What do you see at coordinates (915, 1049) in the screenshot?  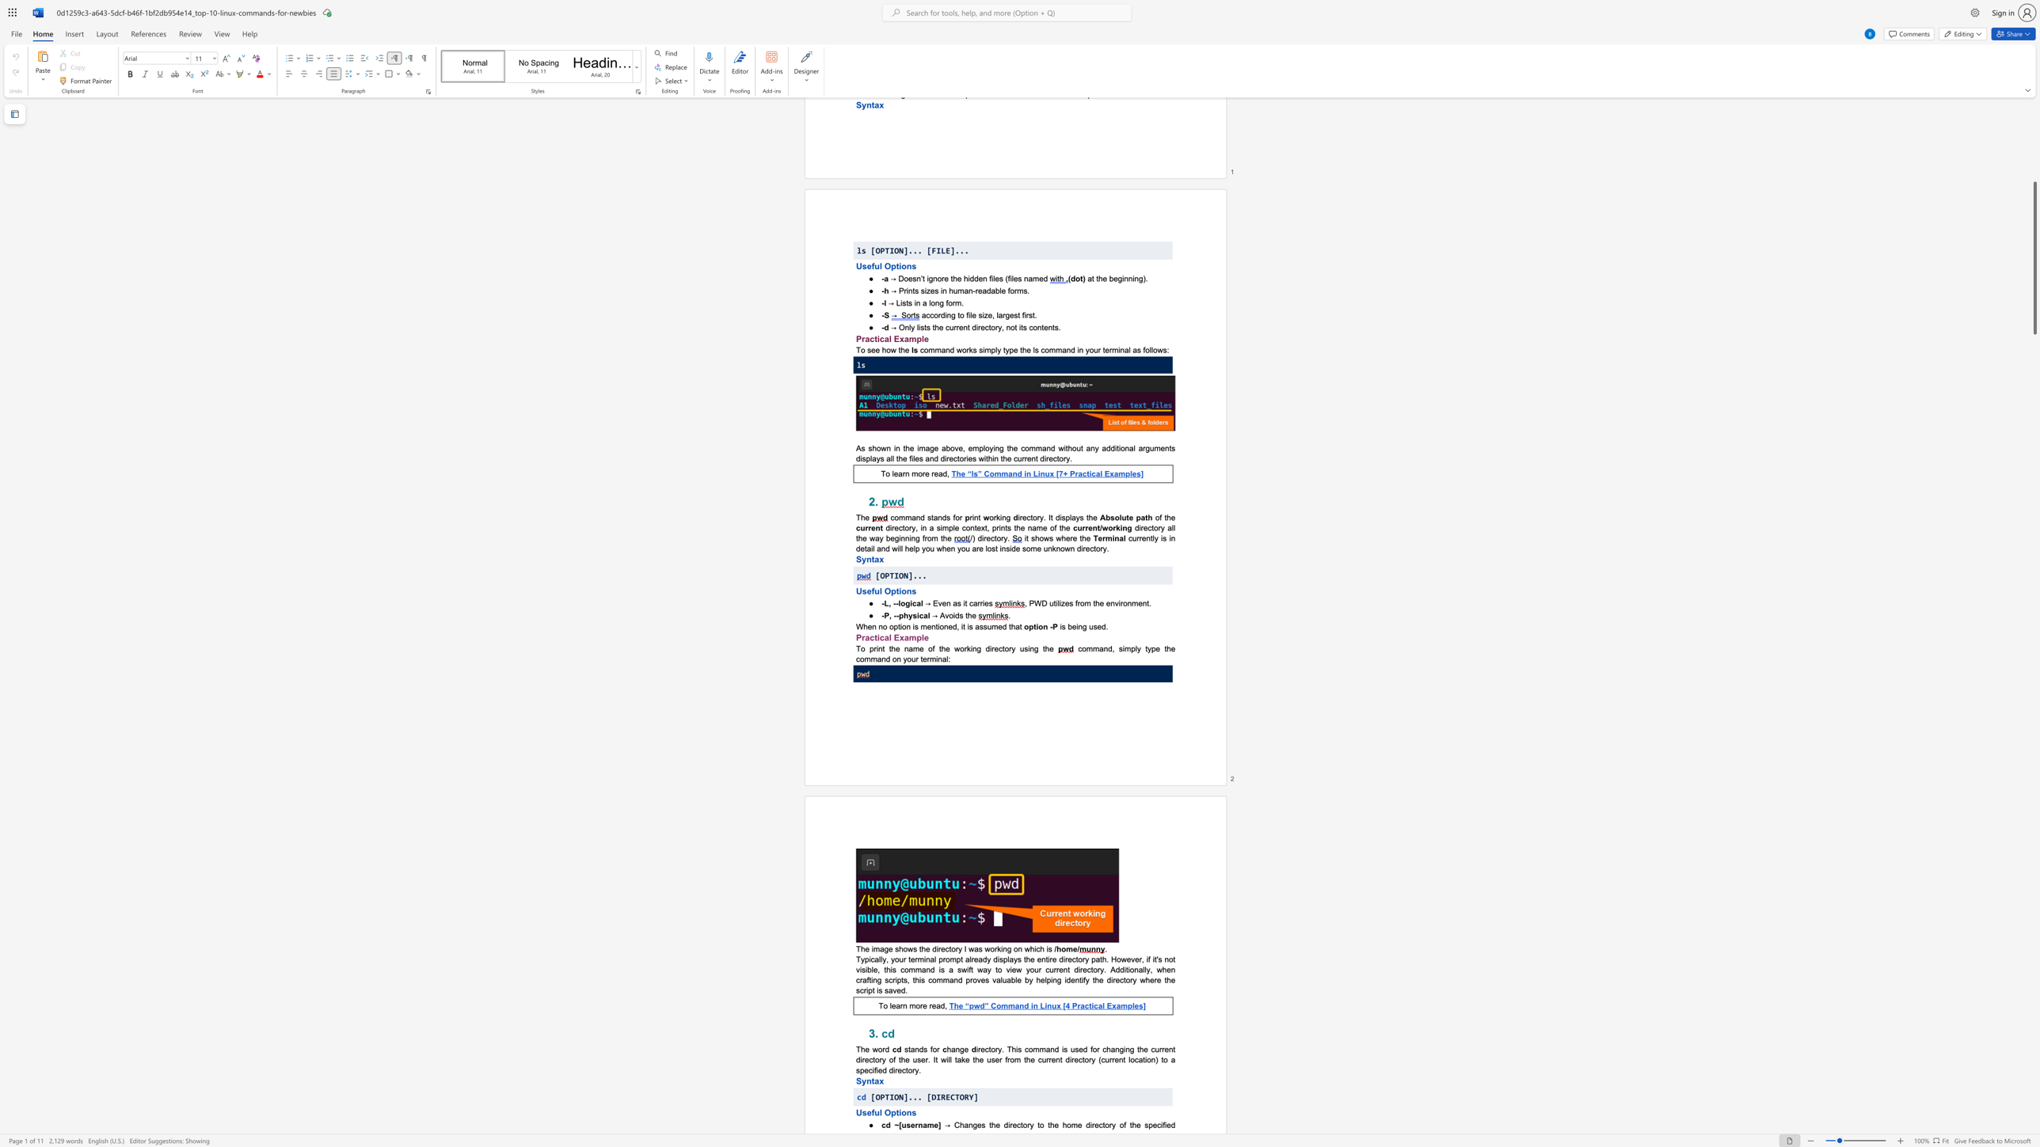 I see `the subset text "nds f" within the text "stands for"` at bounding box center [915, 1049].